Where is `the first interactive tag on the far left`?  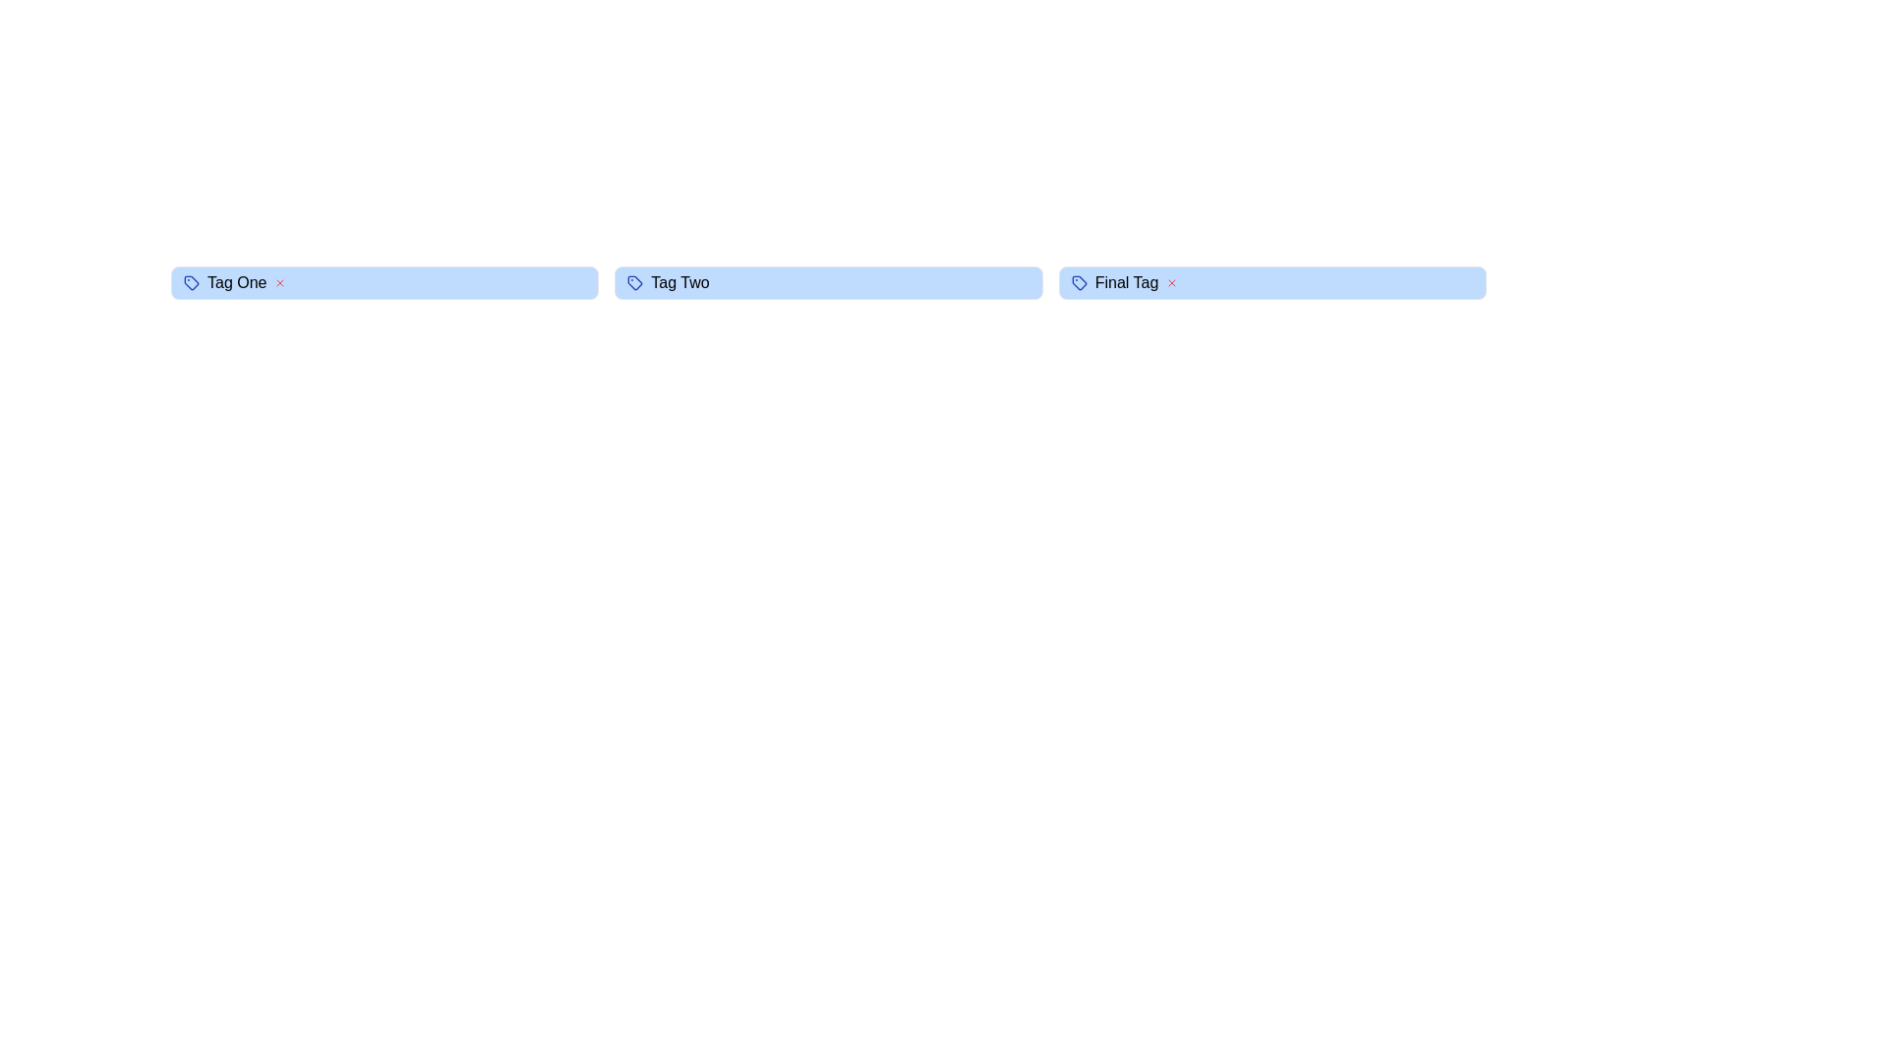 the first interactive tag on the far left is located at coordinates (384, 283).